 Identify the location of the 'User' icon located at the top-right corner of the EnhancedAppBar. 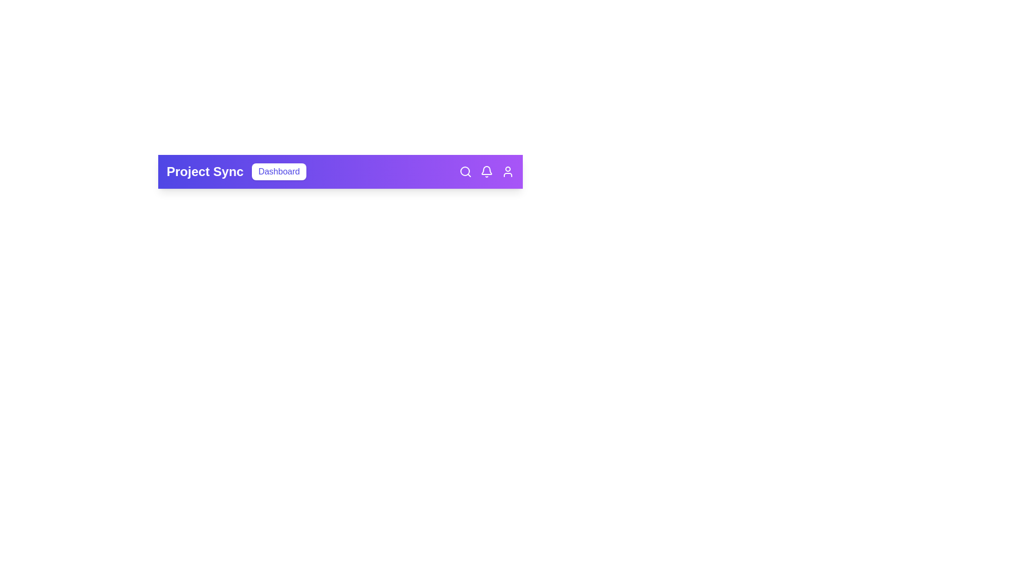
(508, 171).